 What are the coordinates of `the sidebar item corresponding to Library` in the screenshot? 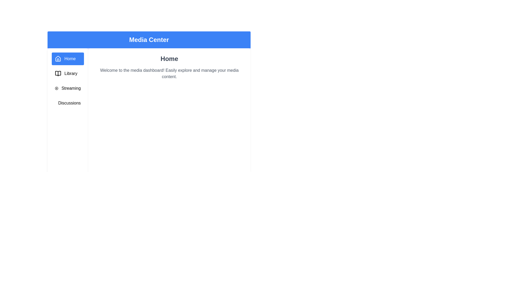 It's located at (67, 73).